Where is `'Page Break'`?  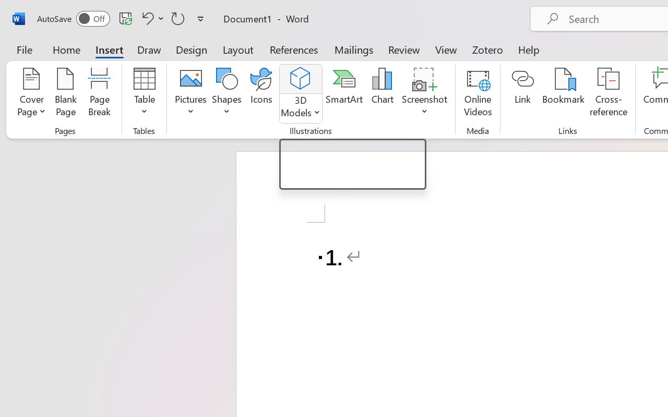 'Page Break' is located at coordinates (99, 93).